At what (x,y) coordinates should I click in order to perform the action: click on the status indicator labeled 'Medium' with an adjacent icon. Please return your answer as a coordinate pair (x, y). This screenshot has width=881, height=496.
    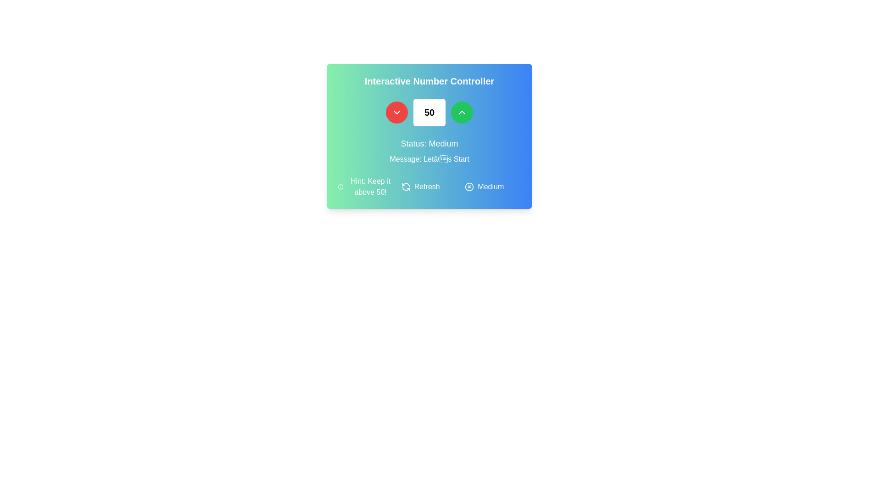
    Looking at the image, I should click on (492, 186).